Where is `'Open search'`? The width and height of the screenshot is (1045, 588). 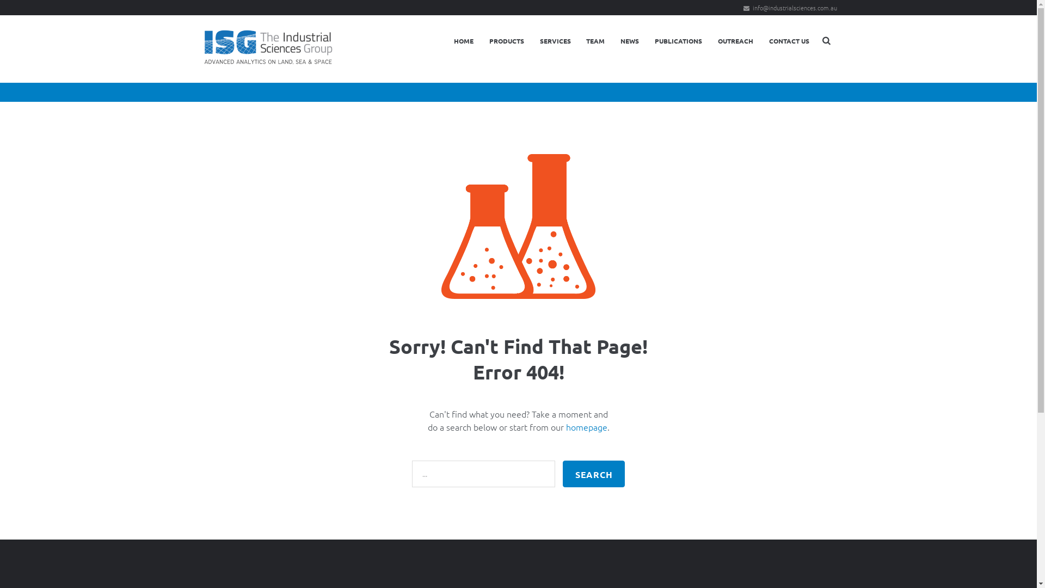 'Open search' is located at coordinates (827, 39).